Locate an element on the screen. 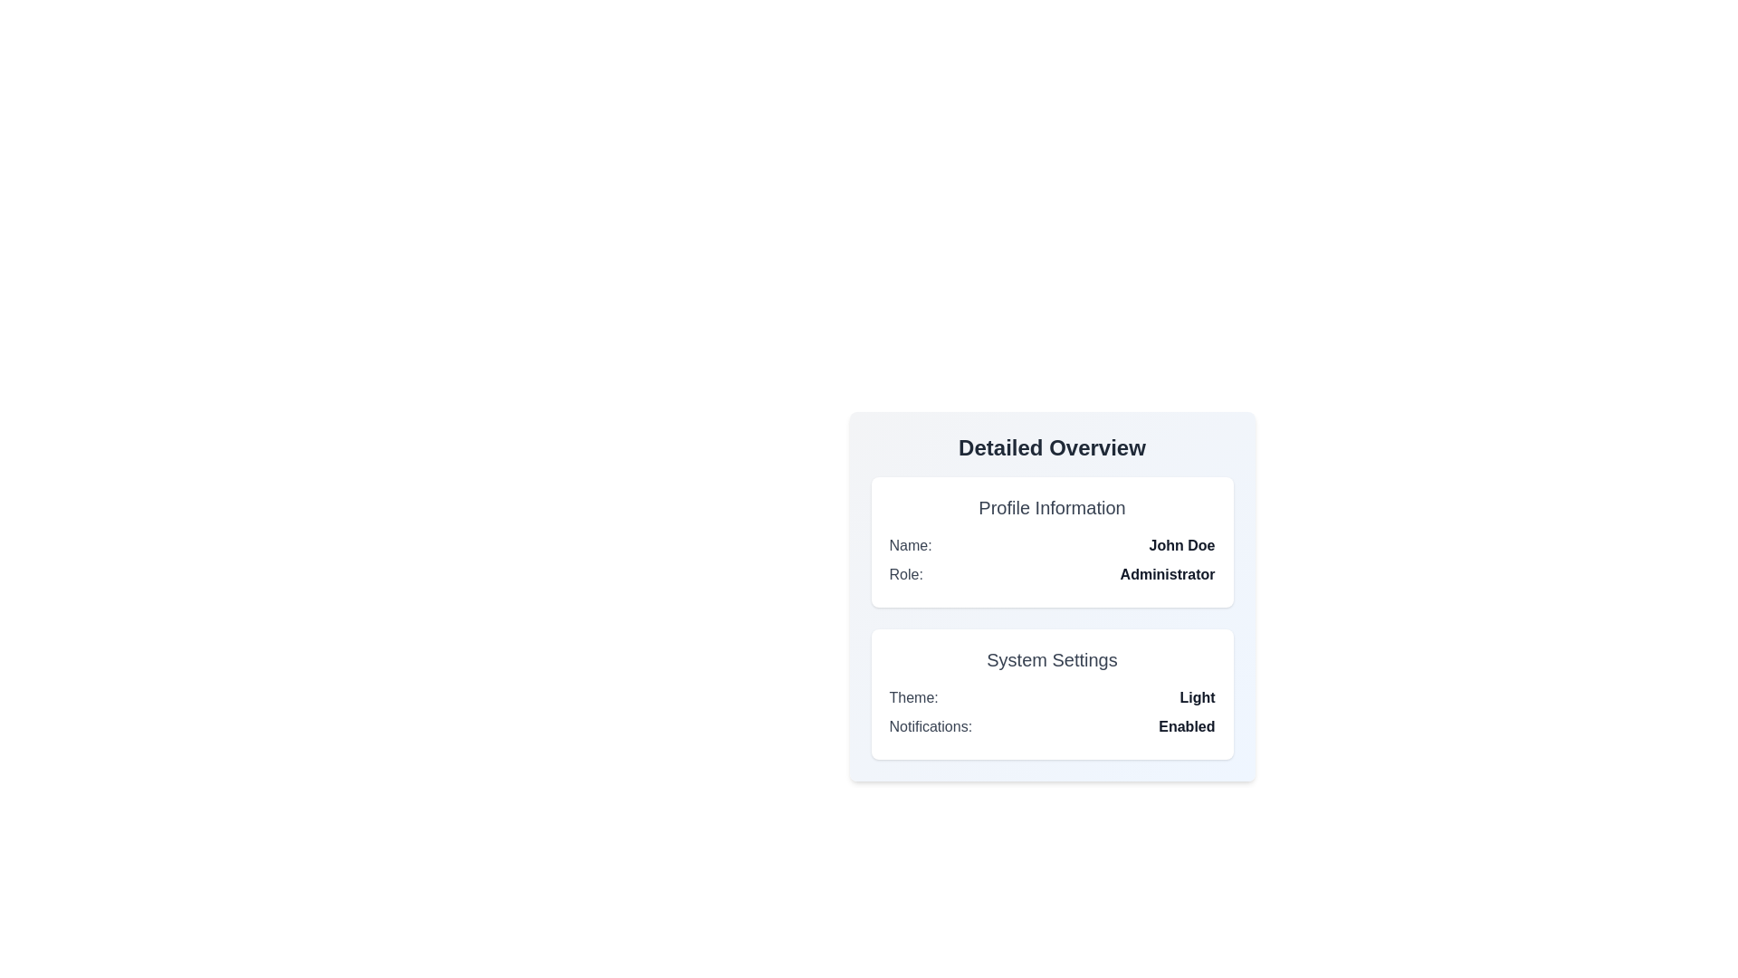 The image size is (1738, 978). the static text label displaying 'Role:' styled with a gray font, located on the left side of the line containing the role information under the 'Profile Information' section is located at coordinates (906, 575).